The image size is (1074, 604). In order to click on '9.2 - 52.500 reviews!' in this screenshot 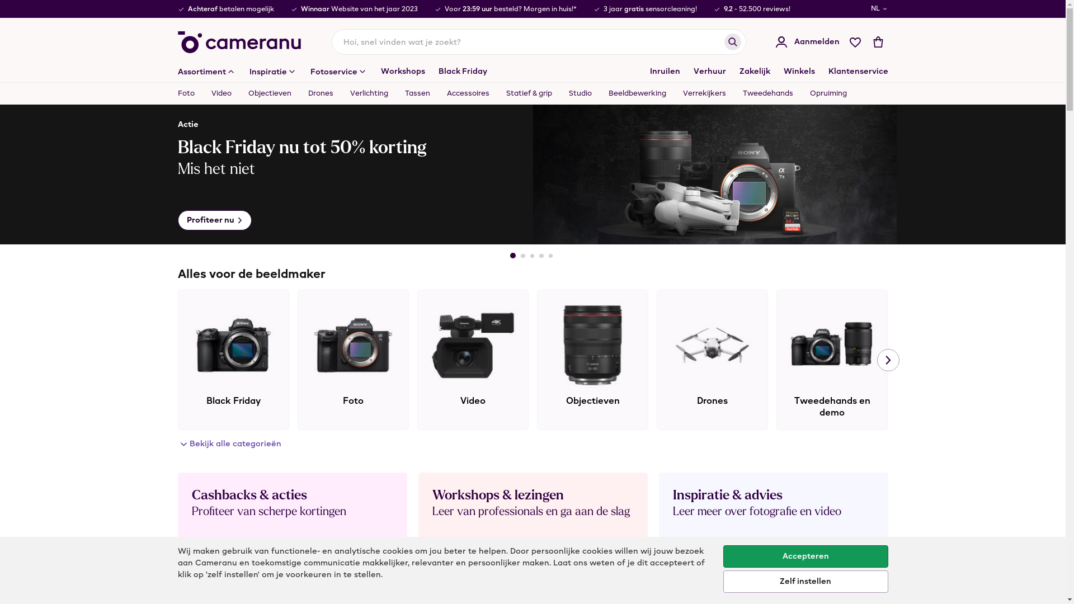, I will do `click(724, 8)`.